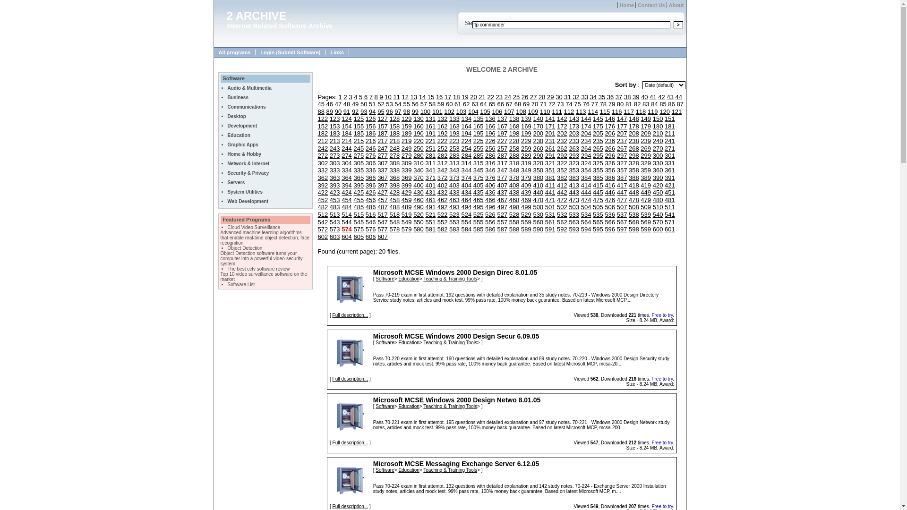 This screenshot has width=907, height=510. I want to click on '27', so click(533, 97).